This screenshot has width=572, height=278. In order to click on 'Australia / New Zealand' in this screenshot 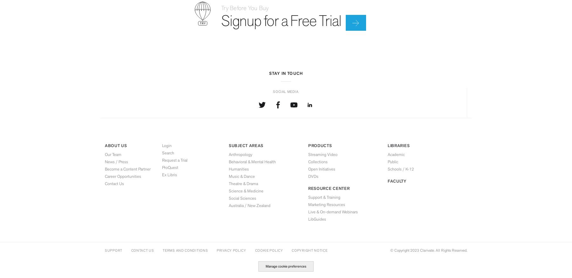, I will do `click(249, 205)`.